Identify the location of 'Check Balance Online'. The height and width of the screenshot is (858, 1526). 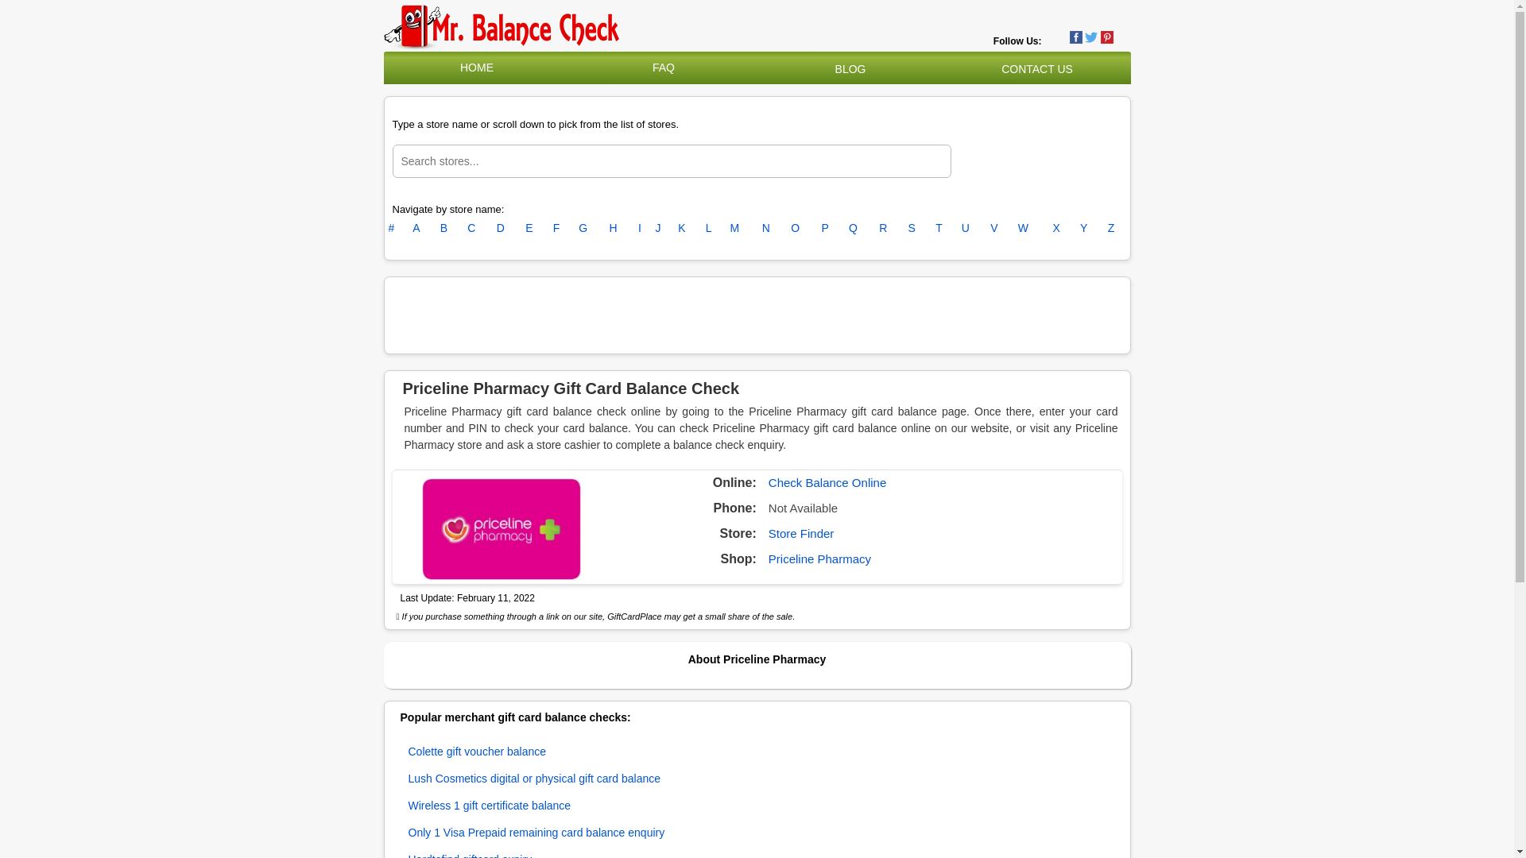
(827, 481).